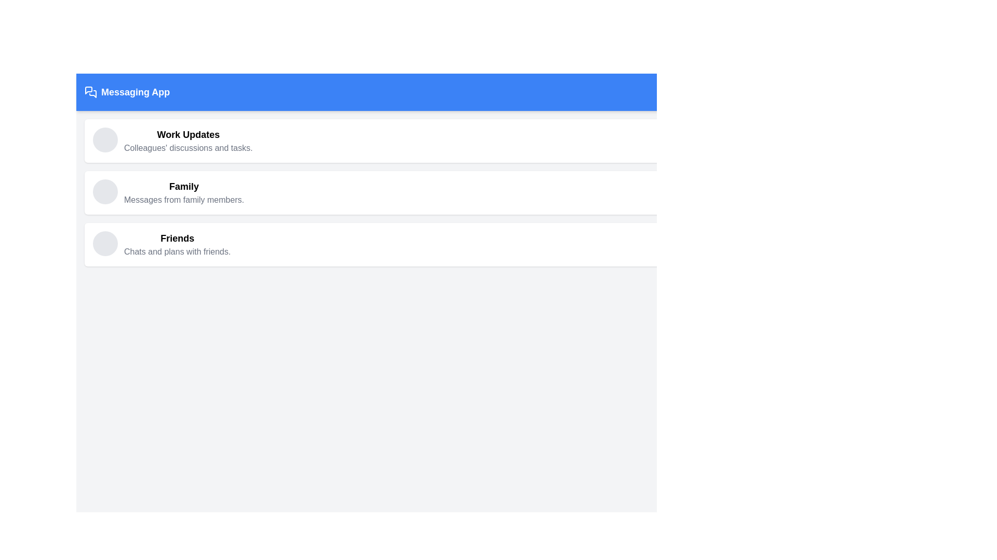 The image size is (997, 560). What do you see at coordinates (184, 200) in the screenshot?
I see `text label displaying 'Messages from family members.' which is located below the 'Family' title in the list entry labeled 'Family'` at bounding box center [184, 200].